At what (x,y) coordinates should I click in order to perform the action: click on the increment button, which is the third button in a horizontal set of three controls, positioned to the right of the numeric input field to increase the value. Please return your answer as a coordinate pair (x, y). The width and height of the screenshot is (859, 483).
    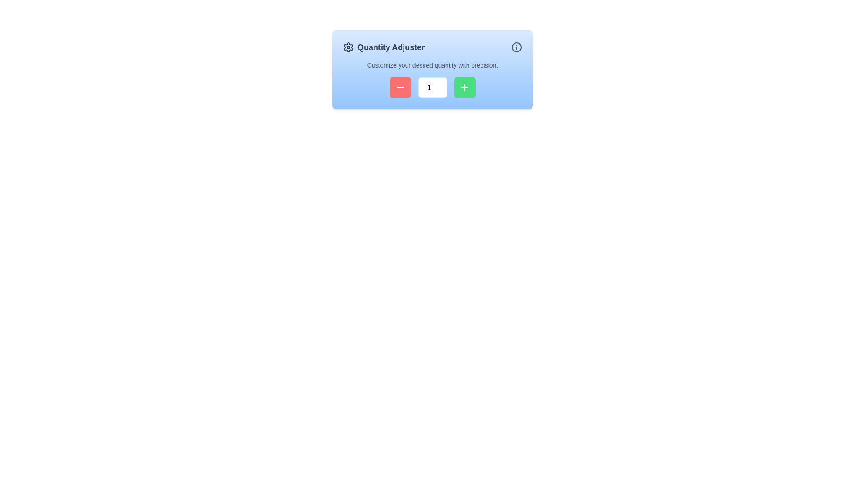
    Looking at the image, I should click on (464, 88).